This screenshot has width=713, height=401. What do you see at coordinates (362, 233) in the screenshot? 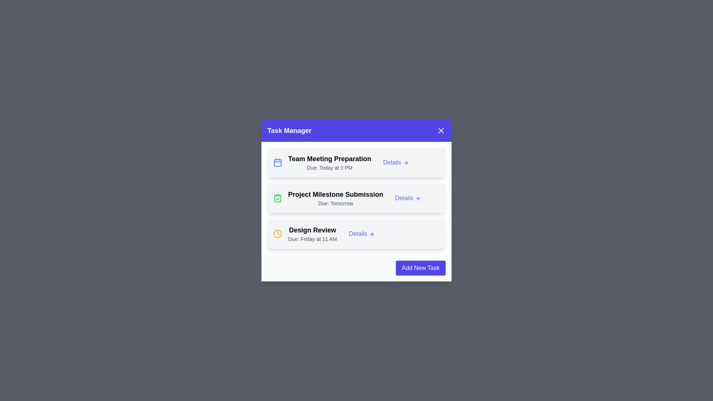
I see `the button that triggers the action` at bounding box center [362, 233].